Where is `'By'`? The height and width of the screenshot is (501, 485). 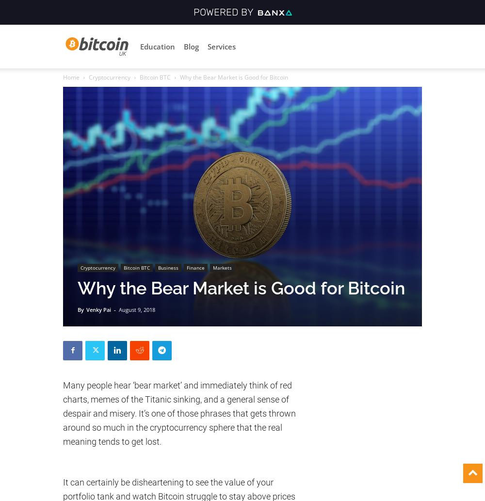
'By' is located at coordinates (78, 308).